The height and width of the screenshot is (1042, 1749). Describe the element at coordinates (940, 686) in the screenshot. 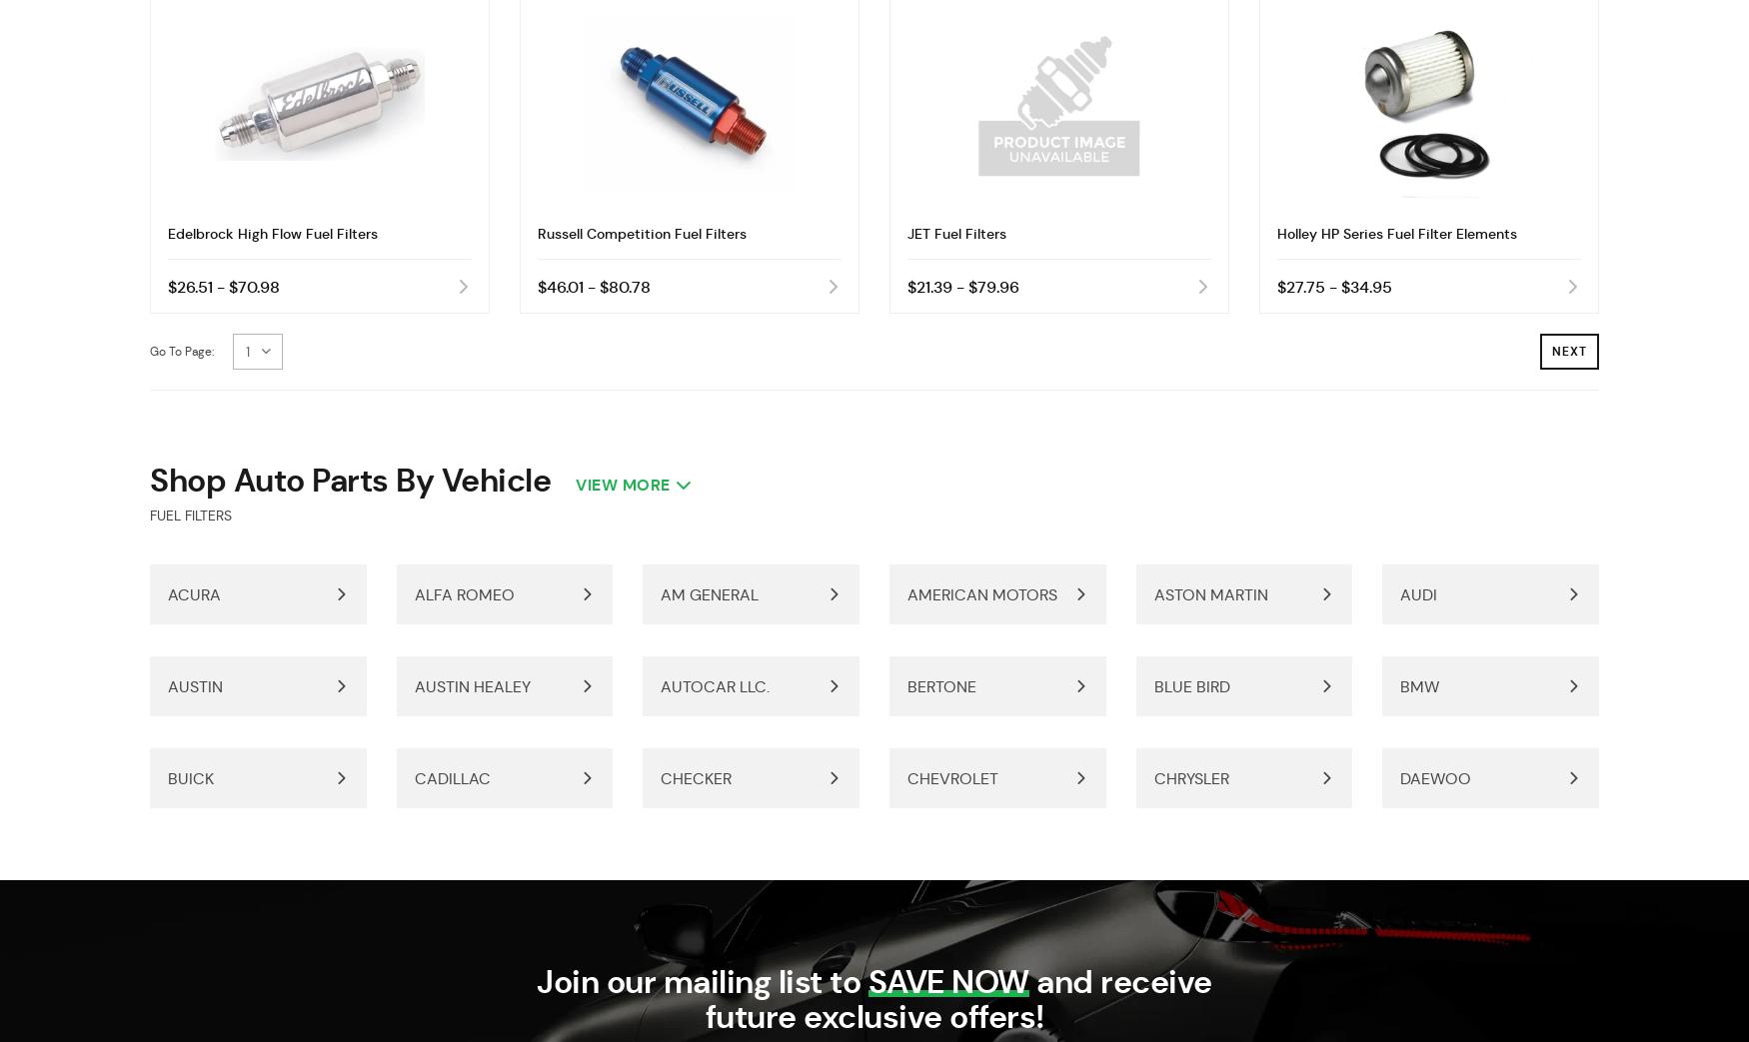

I see `'BERTONE'` at that location.